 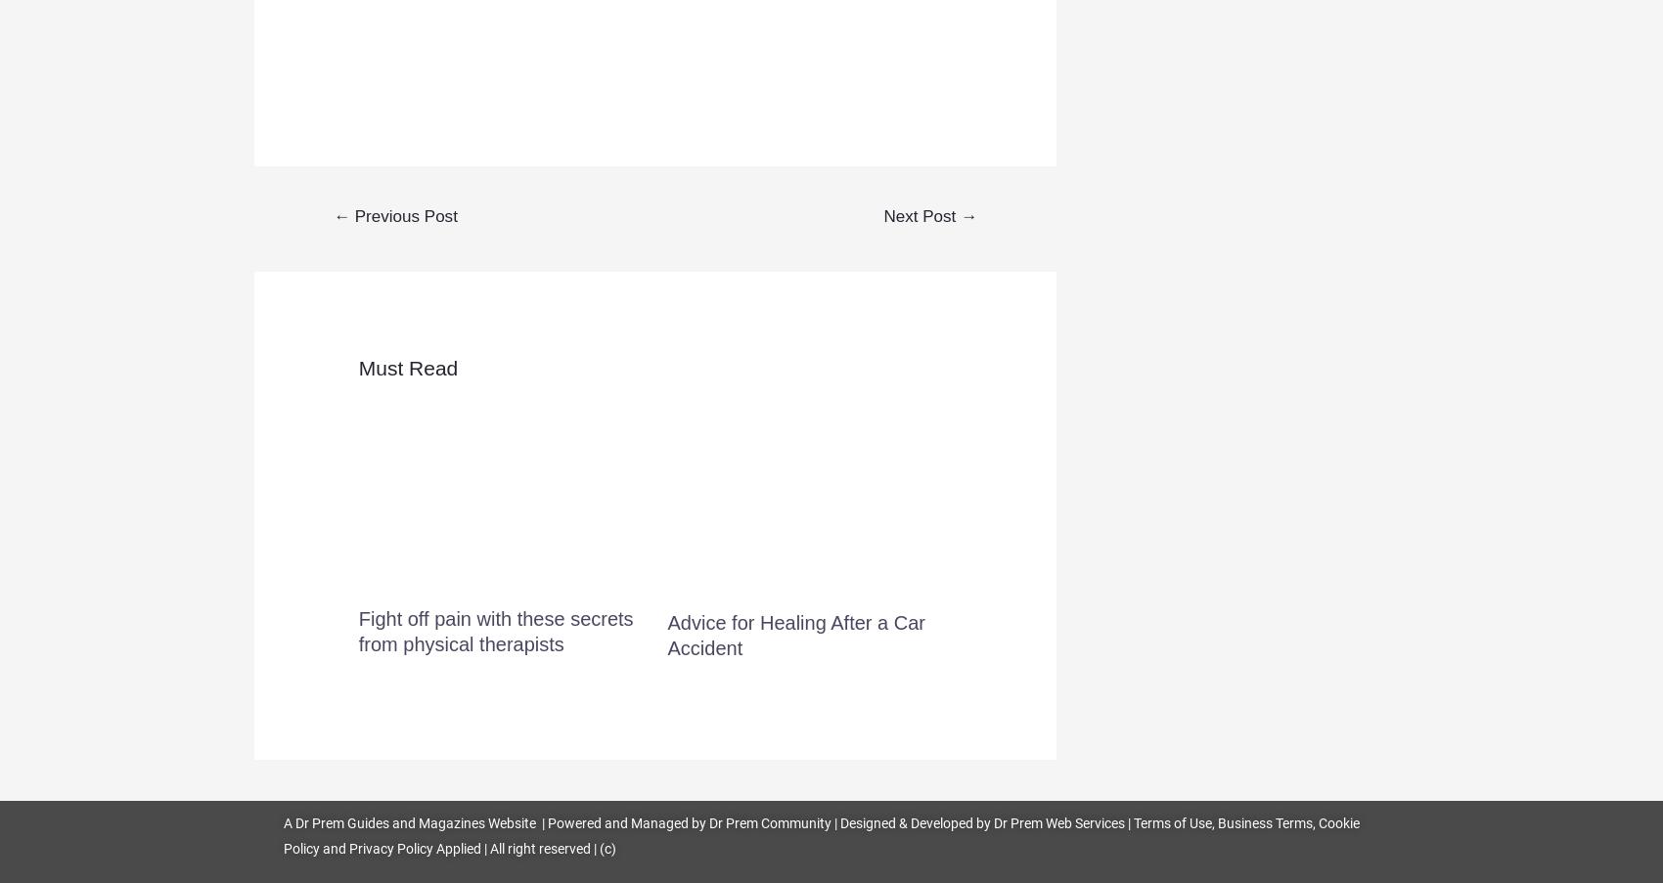 What do you see at coordinates (1059, 822) in the screenshot?
I see `'Dr Prem Web Services'` at bounding box center [1059, 822].